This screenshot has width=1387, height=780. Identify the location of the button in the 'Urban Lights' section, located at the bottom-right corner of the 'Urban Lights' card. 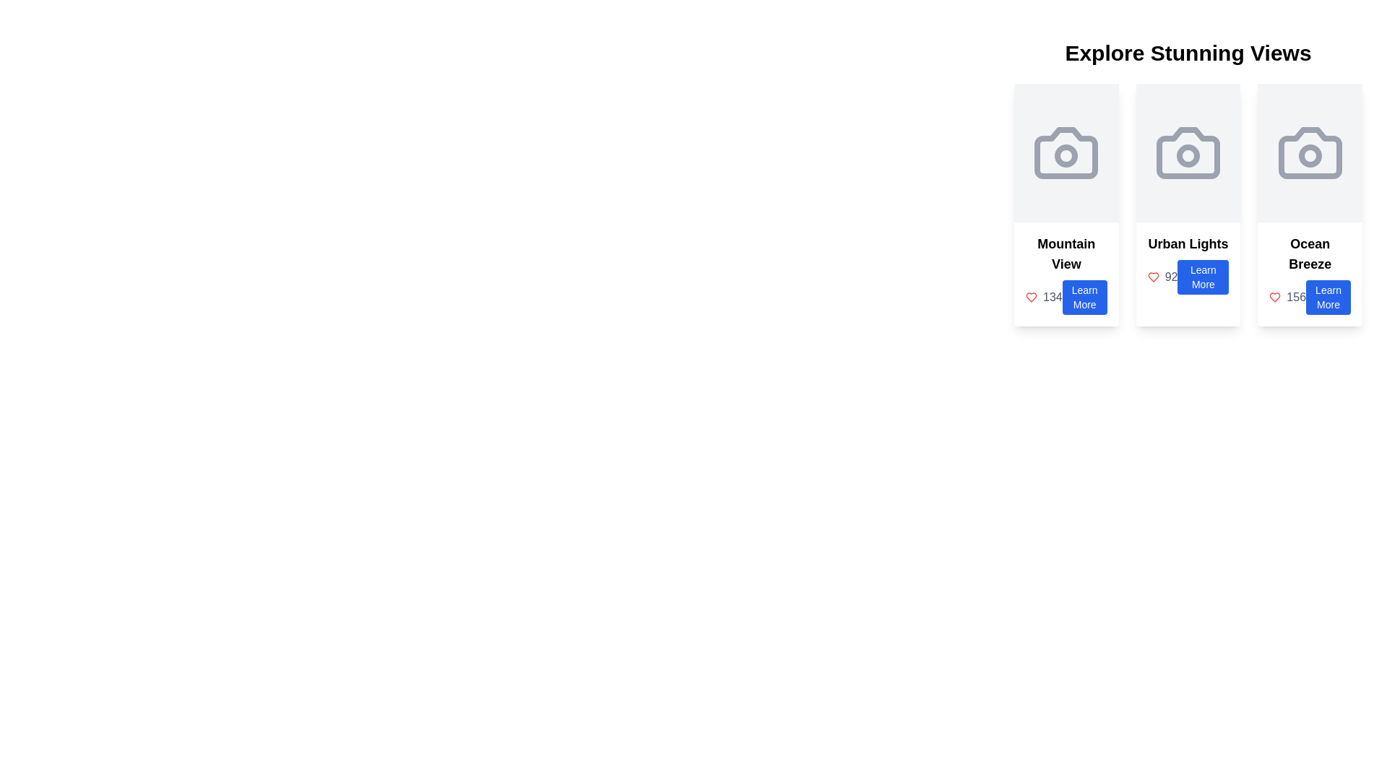
(1188, 277).